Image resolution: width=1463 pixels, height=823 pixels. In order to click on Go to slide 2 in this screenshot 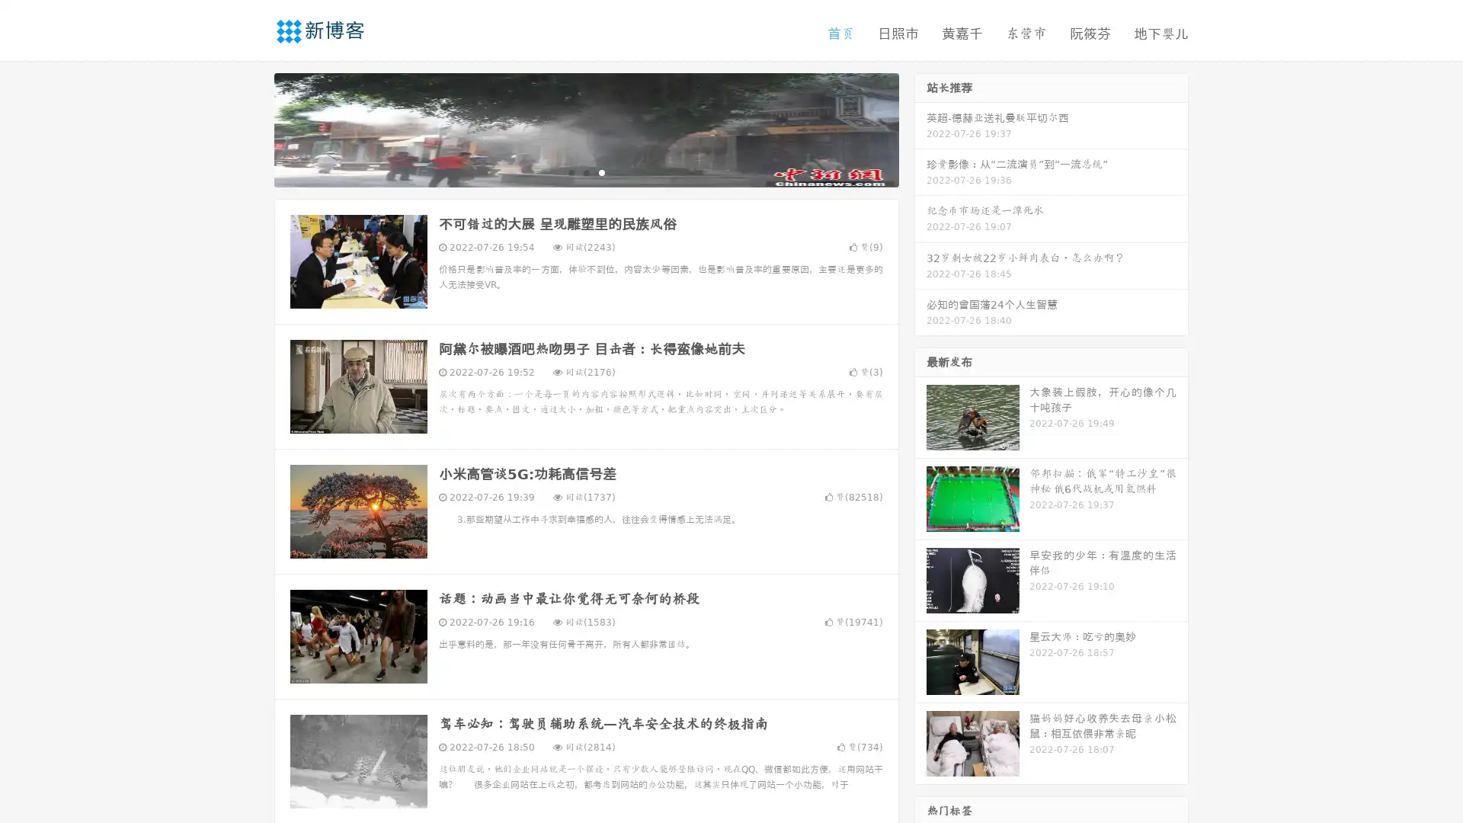, I will do `click(585, 171)`.